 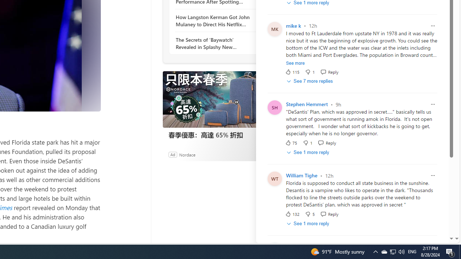 What do you see at coordinates (301, 176) in the screenshot?
I see `'William Tighe'` at bounding box center [301, 176].